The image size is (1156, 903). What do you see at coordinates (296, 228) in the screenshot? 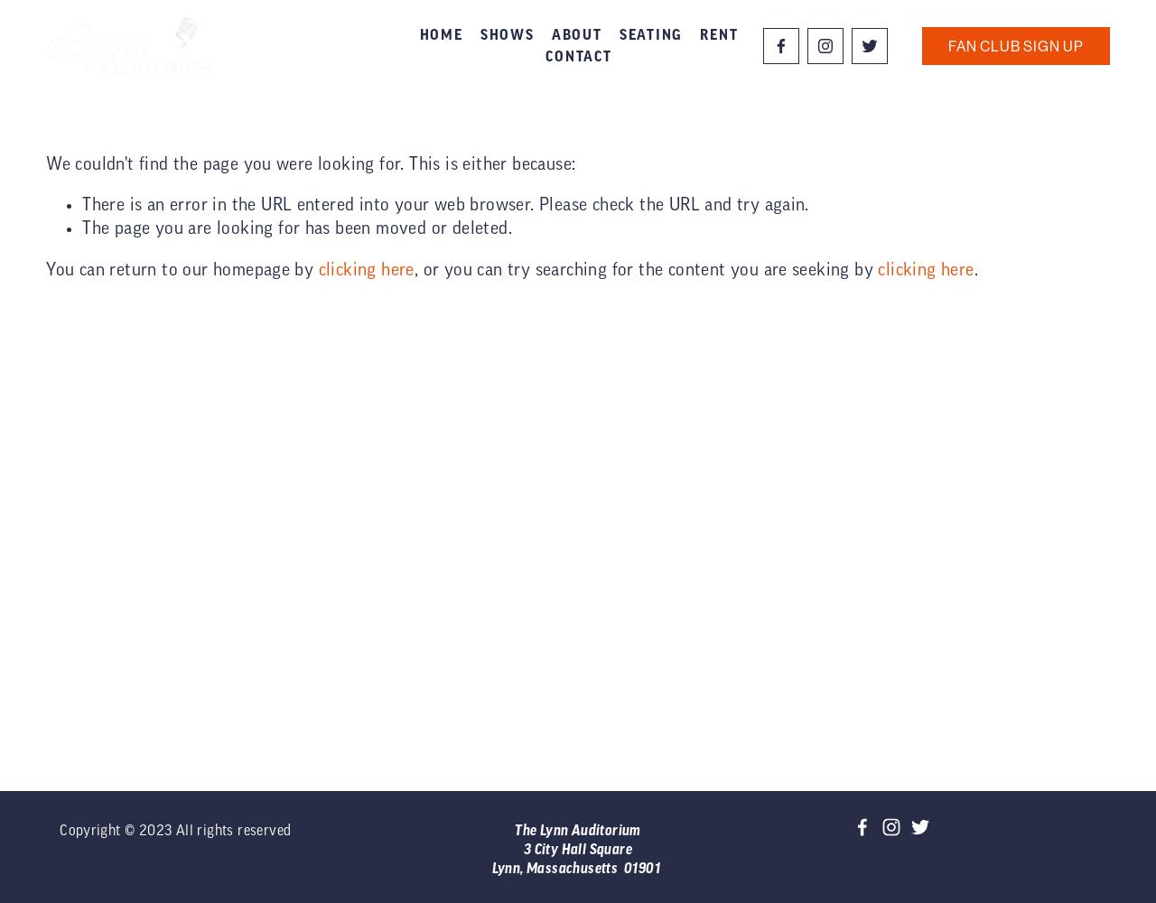
I see `'The page you are looking for has been moved or deleted.'` at bounding box center [296, 228].